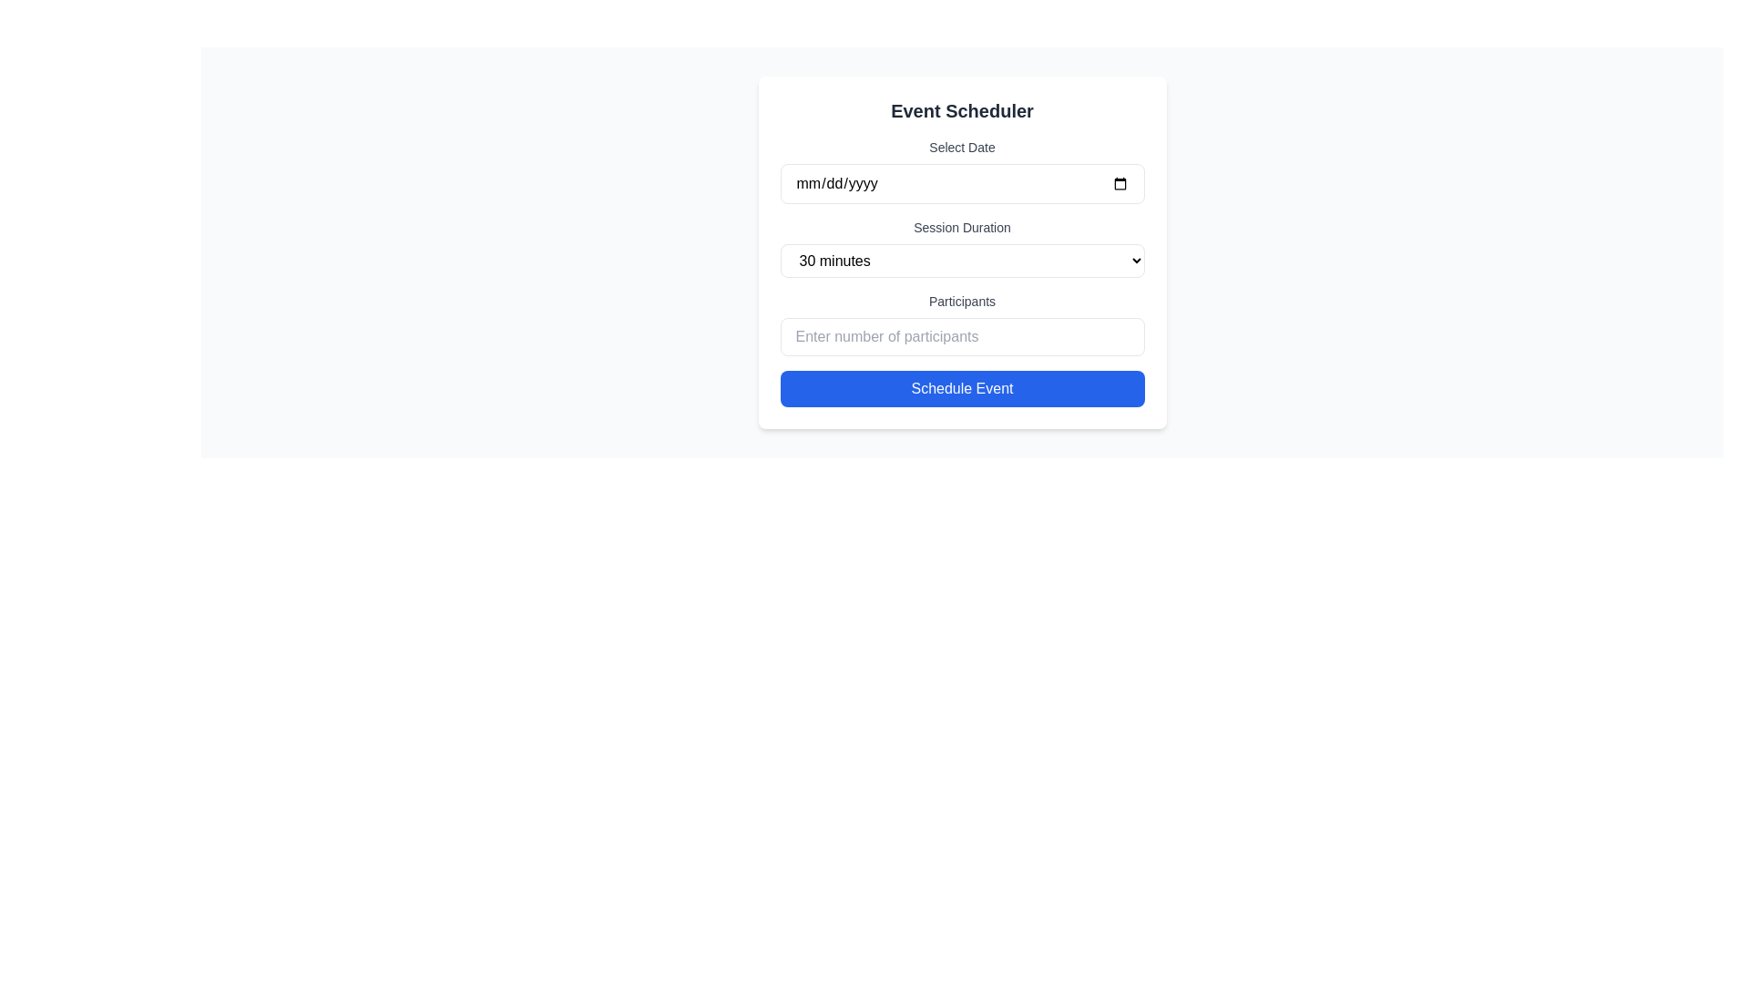 This screenshot has width=1749, height=984. What do you see at coordinates (961, 337) in the screenshot?
I see `the text input field for number of participants to focus and type a numerical value` at bounding box center [961, 337].